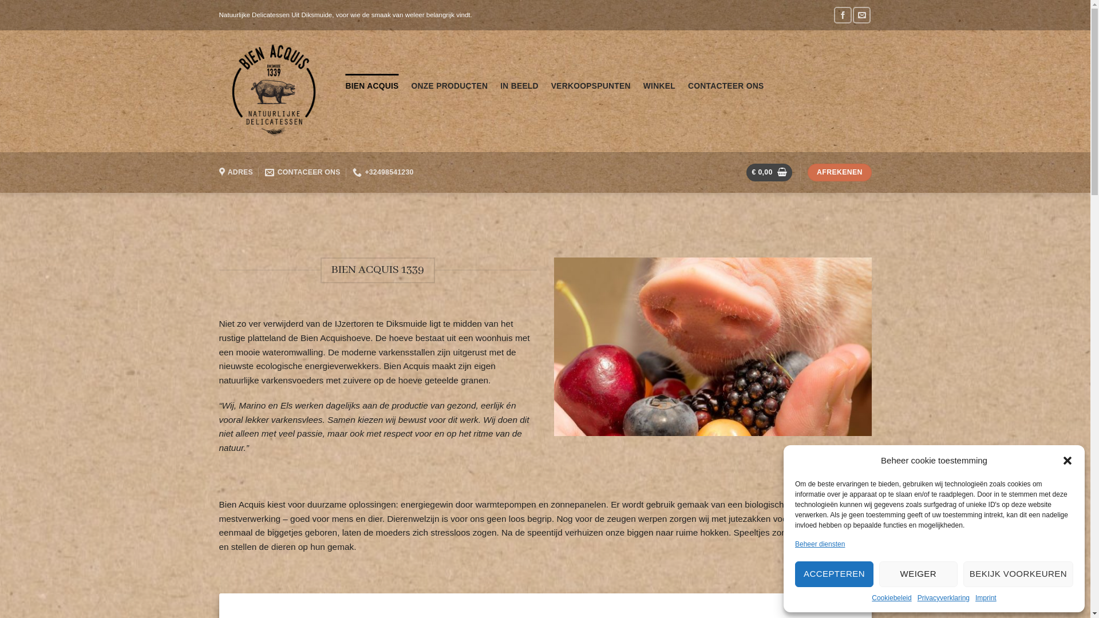 This screenshot has width=1099, height=618. Describe the element at coordinates (891, 597) in the screenshot. I see `'Cookiebeleid'` at that location.